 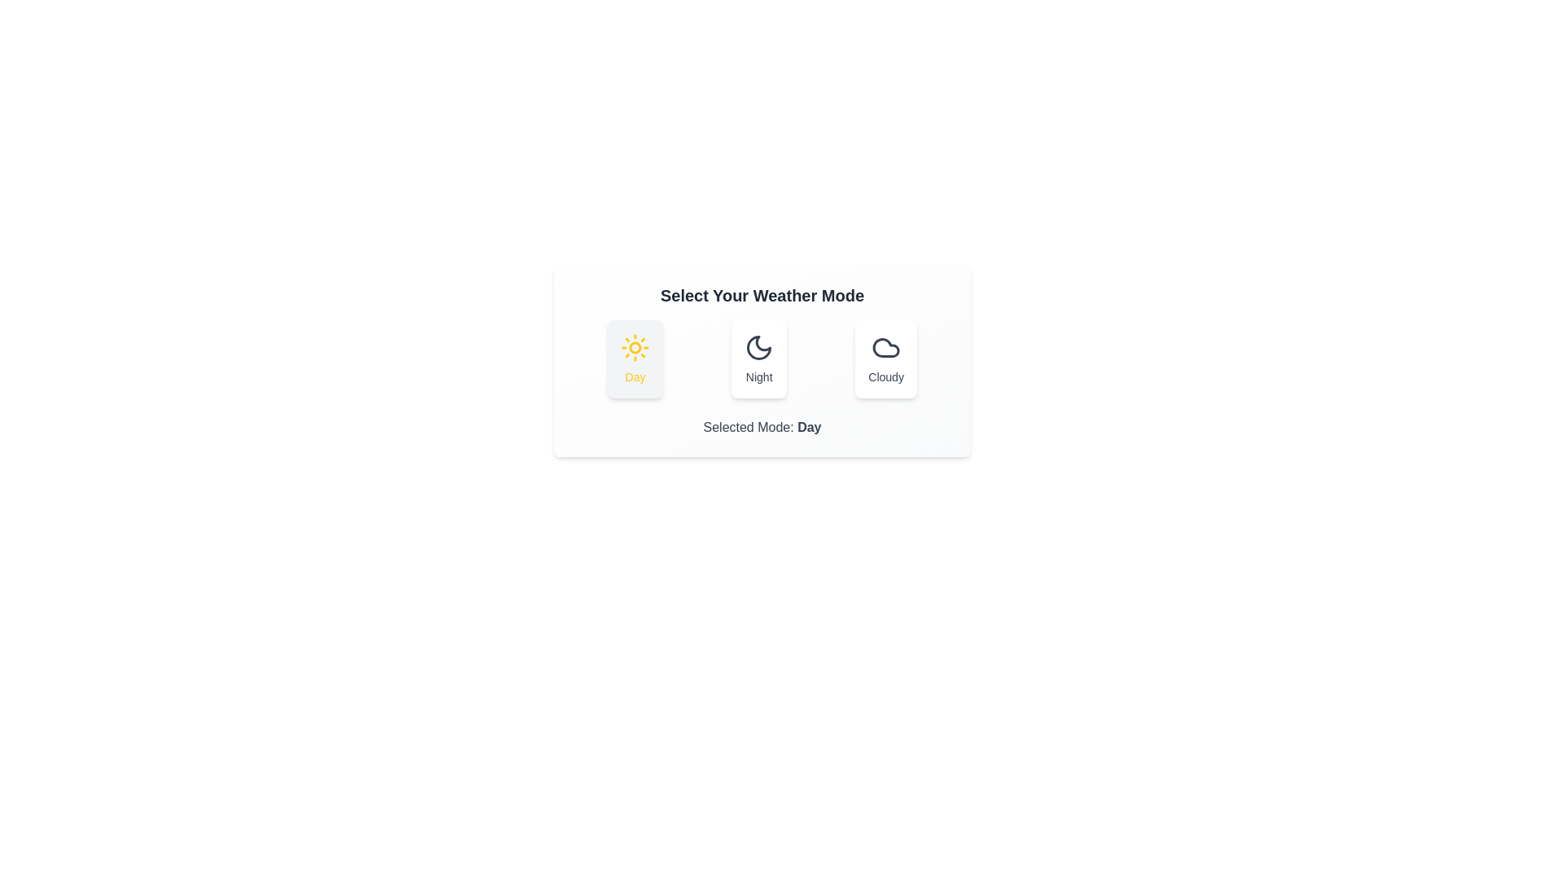 What do you see at coordinates (635, 358) in the screenshot?
I see `the 'Day' button to select the 'Day' mode` at bounding box center [635, 358].